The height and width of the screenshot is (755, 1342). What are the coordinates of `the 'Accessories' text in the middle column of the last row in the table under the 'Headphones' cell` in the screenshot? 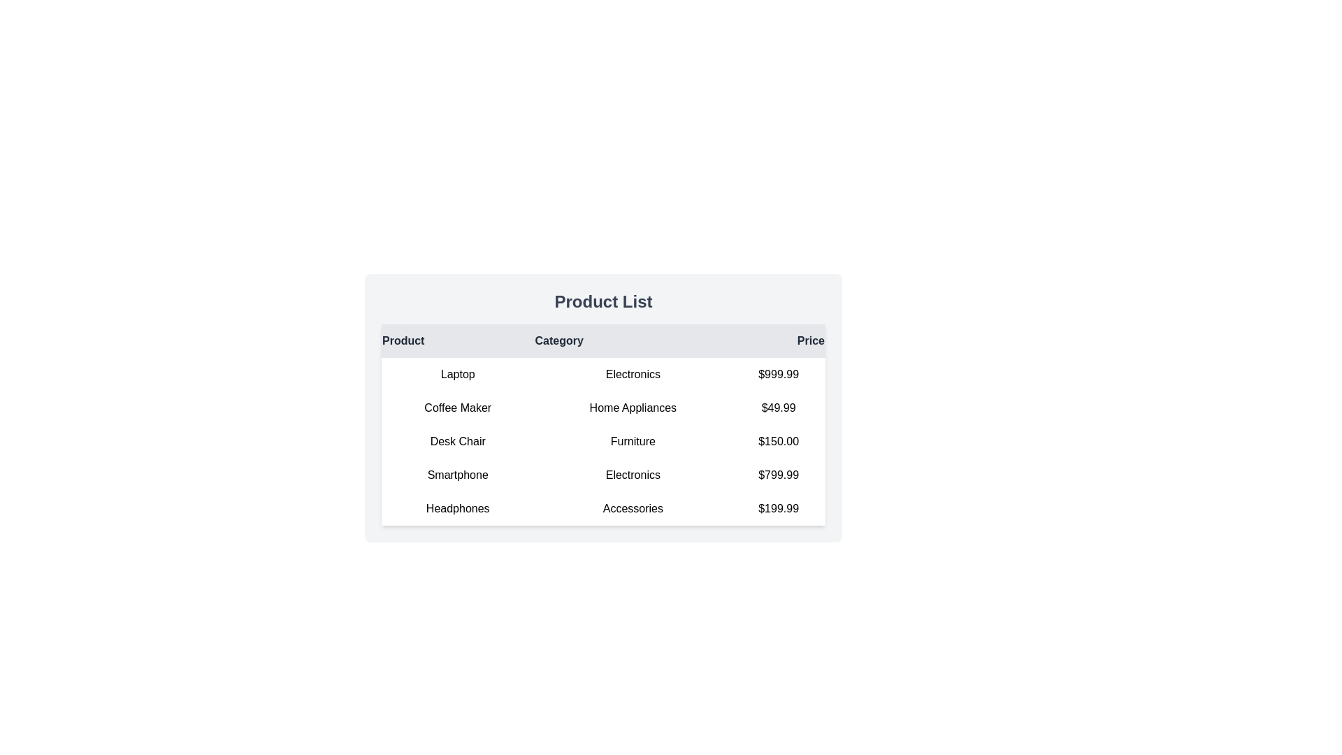 It's located at (632, 509).